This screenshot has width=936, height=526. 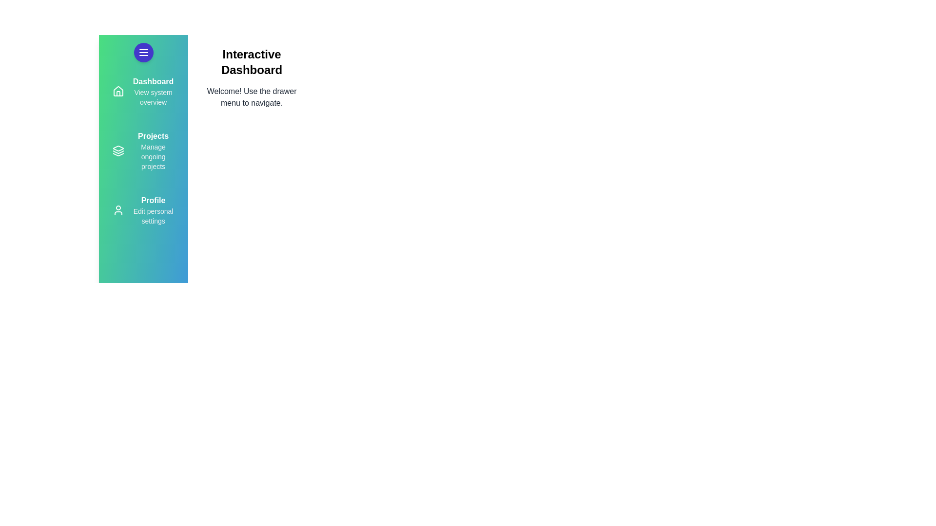 I want to click on the 'Dashboard' menu item, so click(x=153, y=81).